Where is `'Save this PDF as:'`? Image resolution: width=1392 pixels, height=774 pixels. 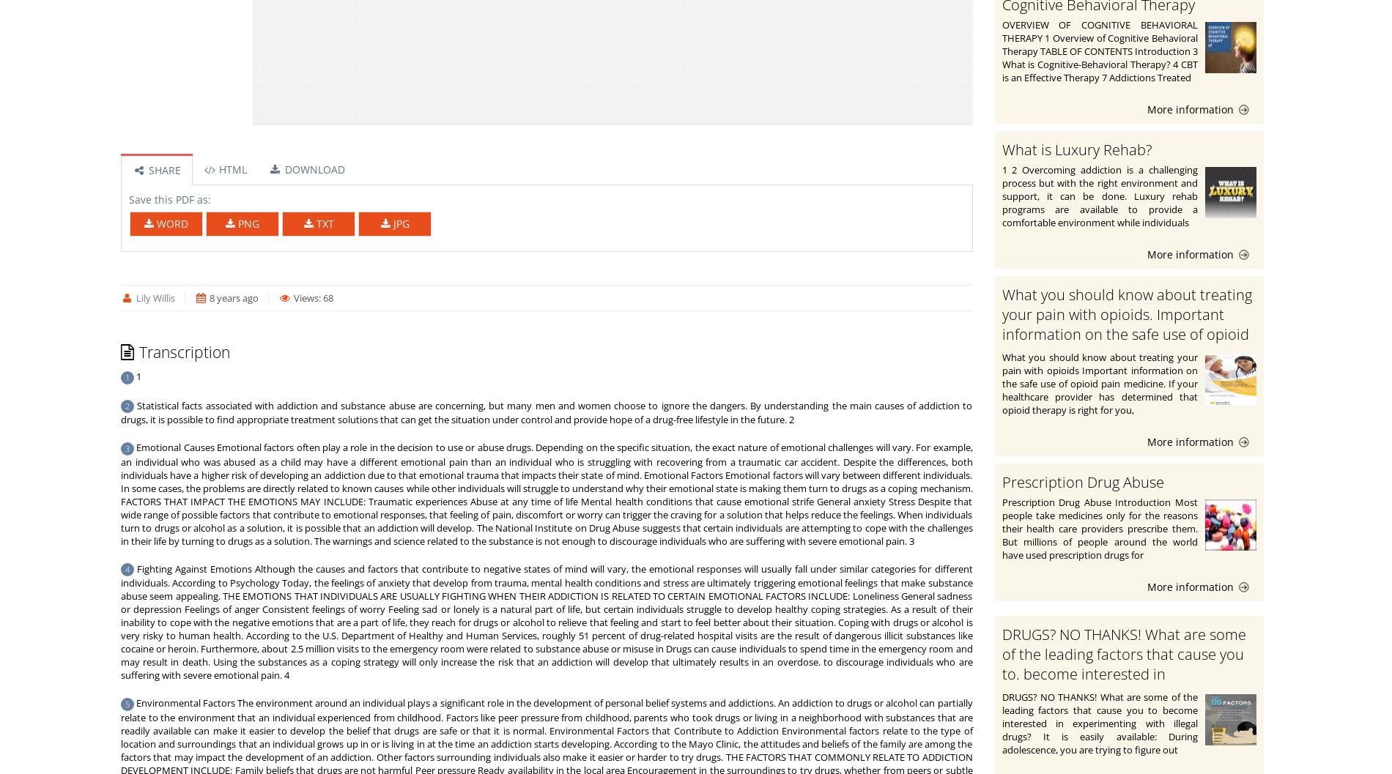
'Save this PDF as:' is located at coordinates (169, 198).